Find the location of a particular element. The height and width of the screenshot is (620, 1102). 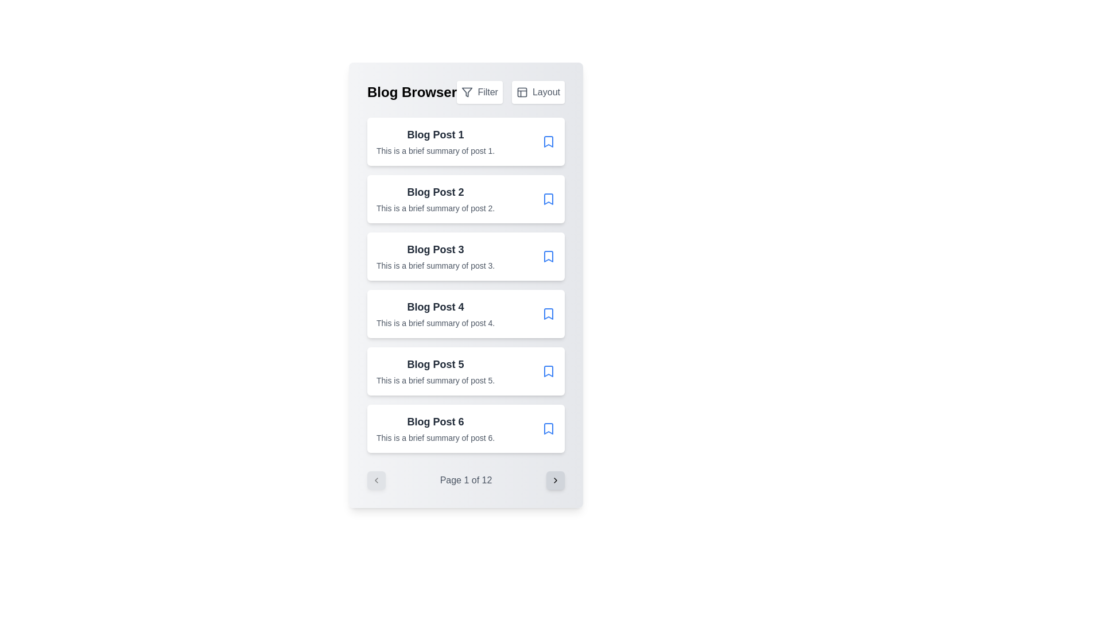

the filter icon located in the top interface bar, directly to the left of the 'Filter' text label is located at coordinates (467, 92).